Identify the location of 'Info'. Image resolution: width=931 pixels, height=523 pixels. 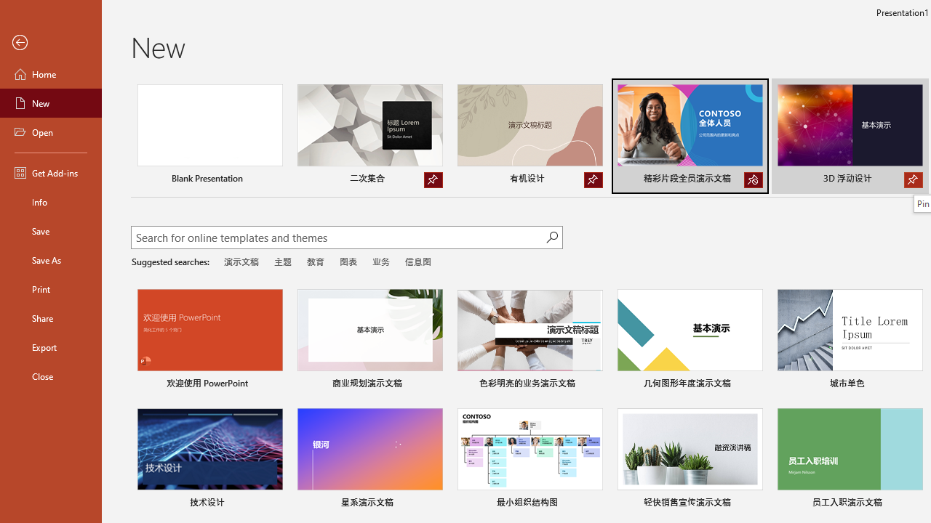
(50, 201).